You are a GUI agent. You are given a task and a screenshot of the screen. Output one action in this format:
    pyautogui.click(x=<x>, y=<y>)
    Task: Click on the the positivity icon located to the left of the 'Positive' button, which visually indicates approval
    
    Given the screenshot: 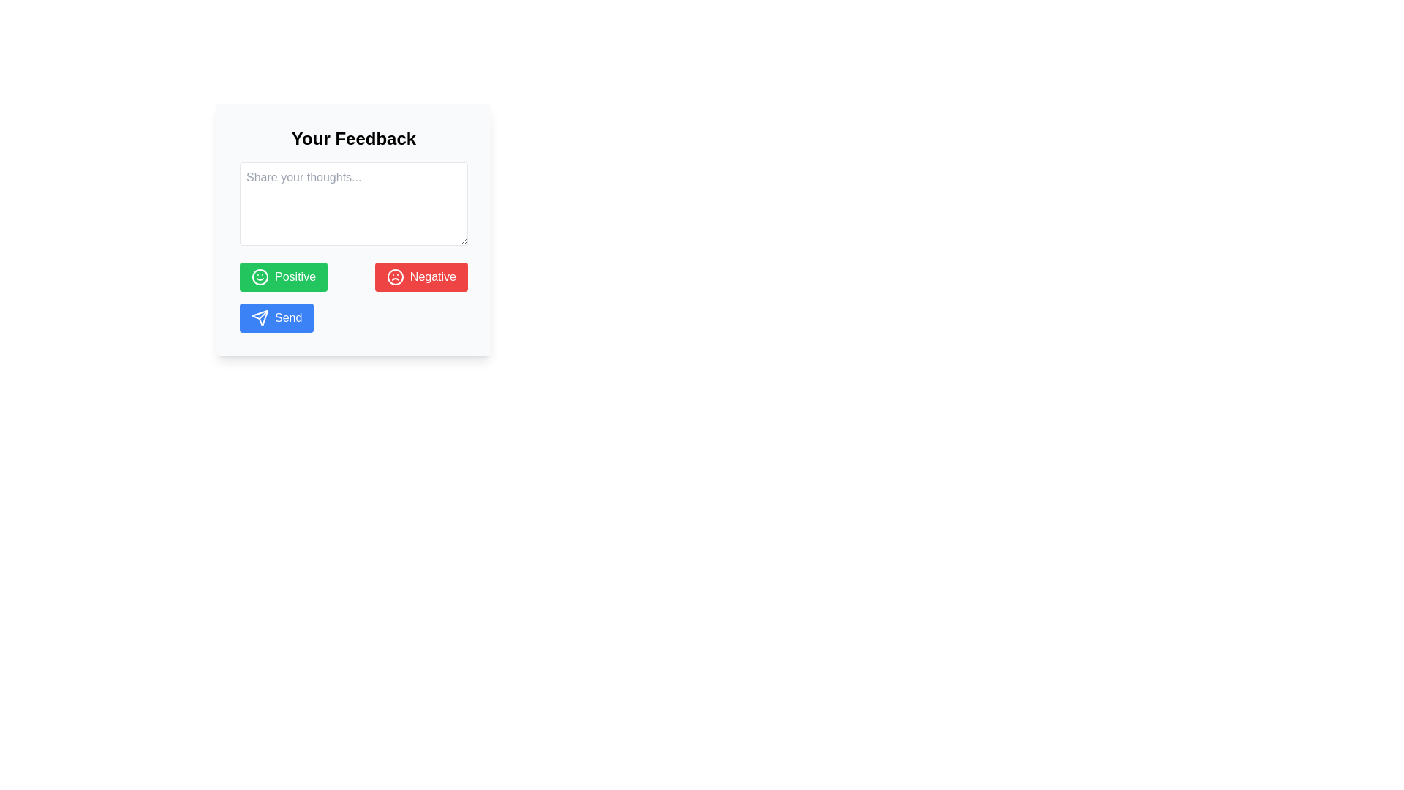 What is the action you would take?
    pyautogui.click(x=260, y=276)
    